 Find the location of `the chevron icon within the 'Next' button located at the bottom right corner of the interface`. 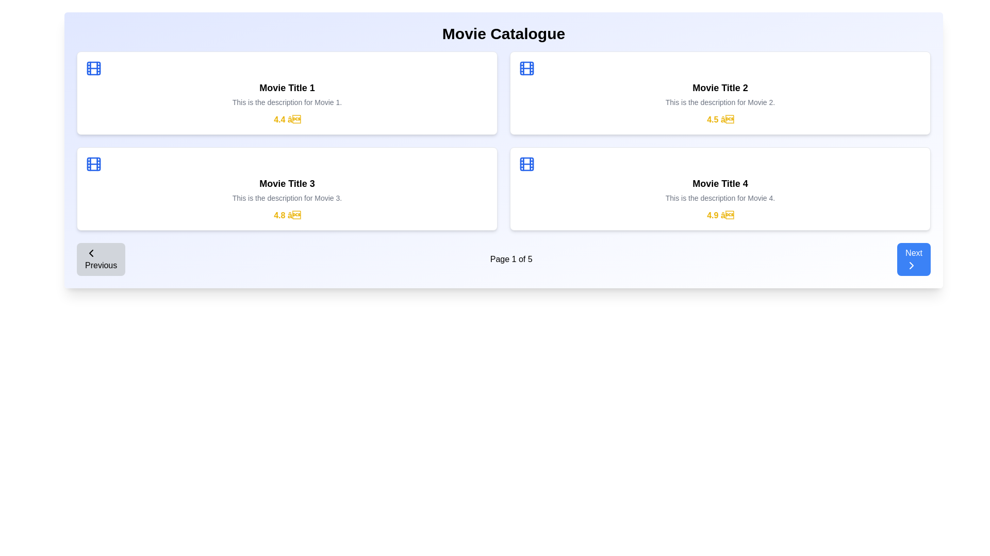

the chevron icon within the 'Next' button located at the bottom right corner of the interface is located at coordinates (912, 265).